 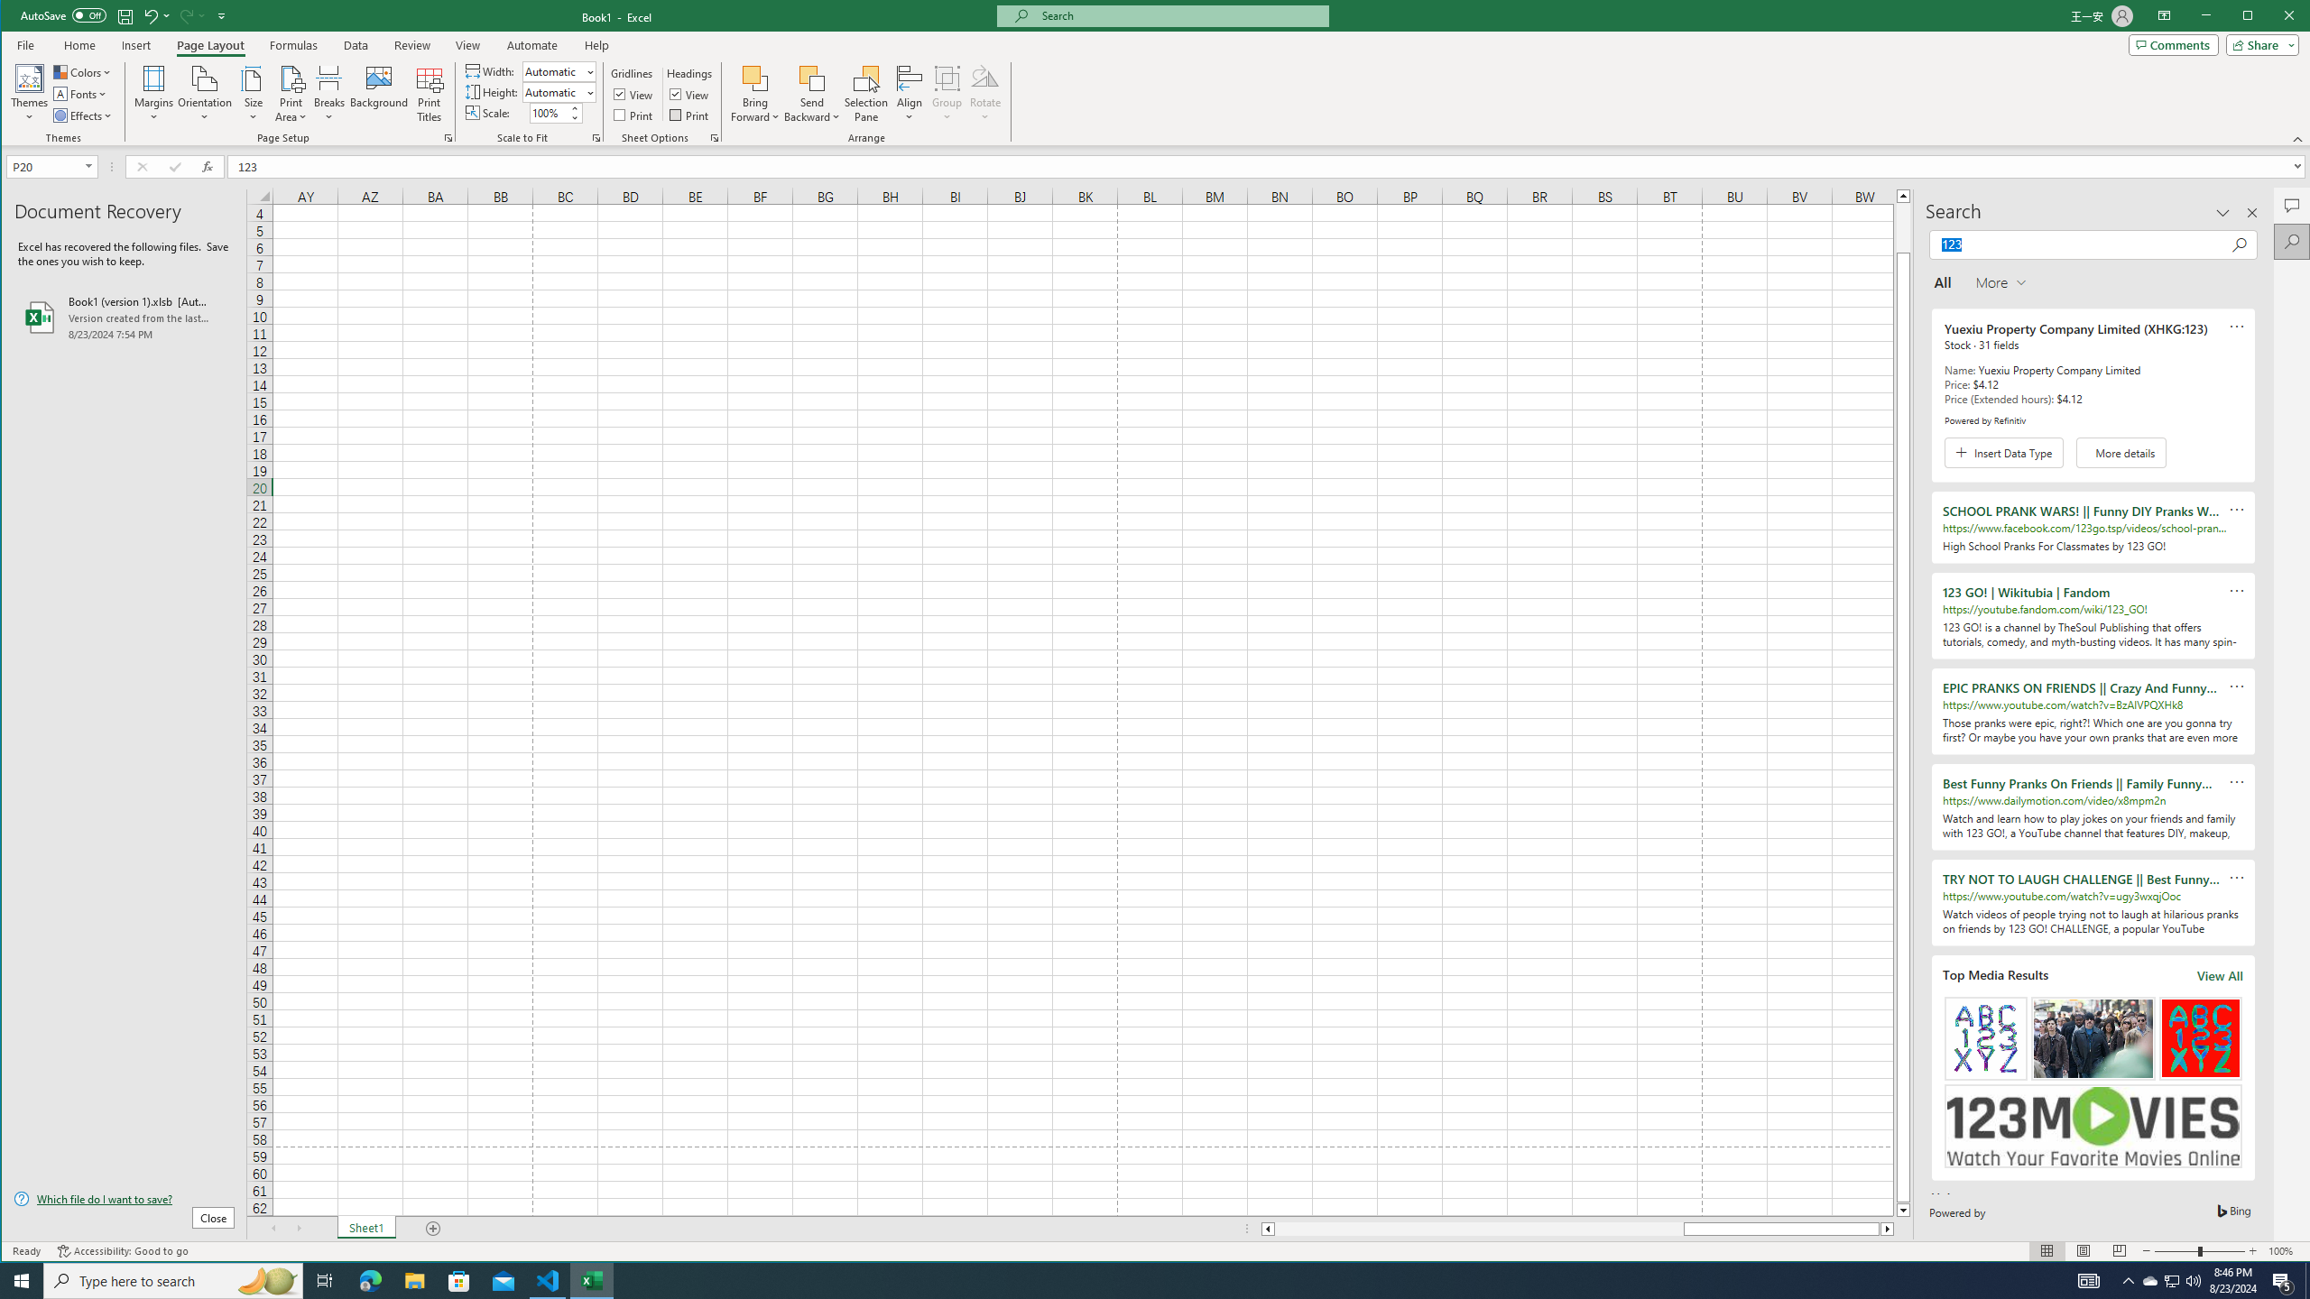 I want to click on 'Bring Forward', so click(x=755, y=93).